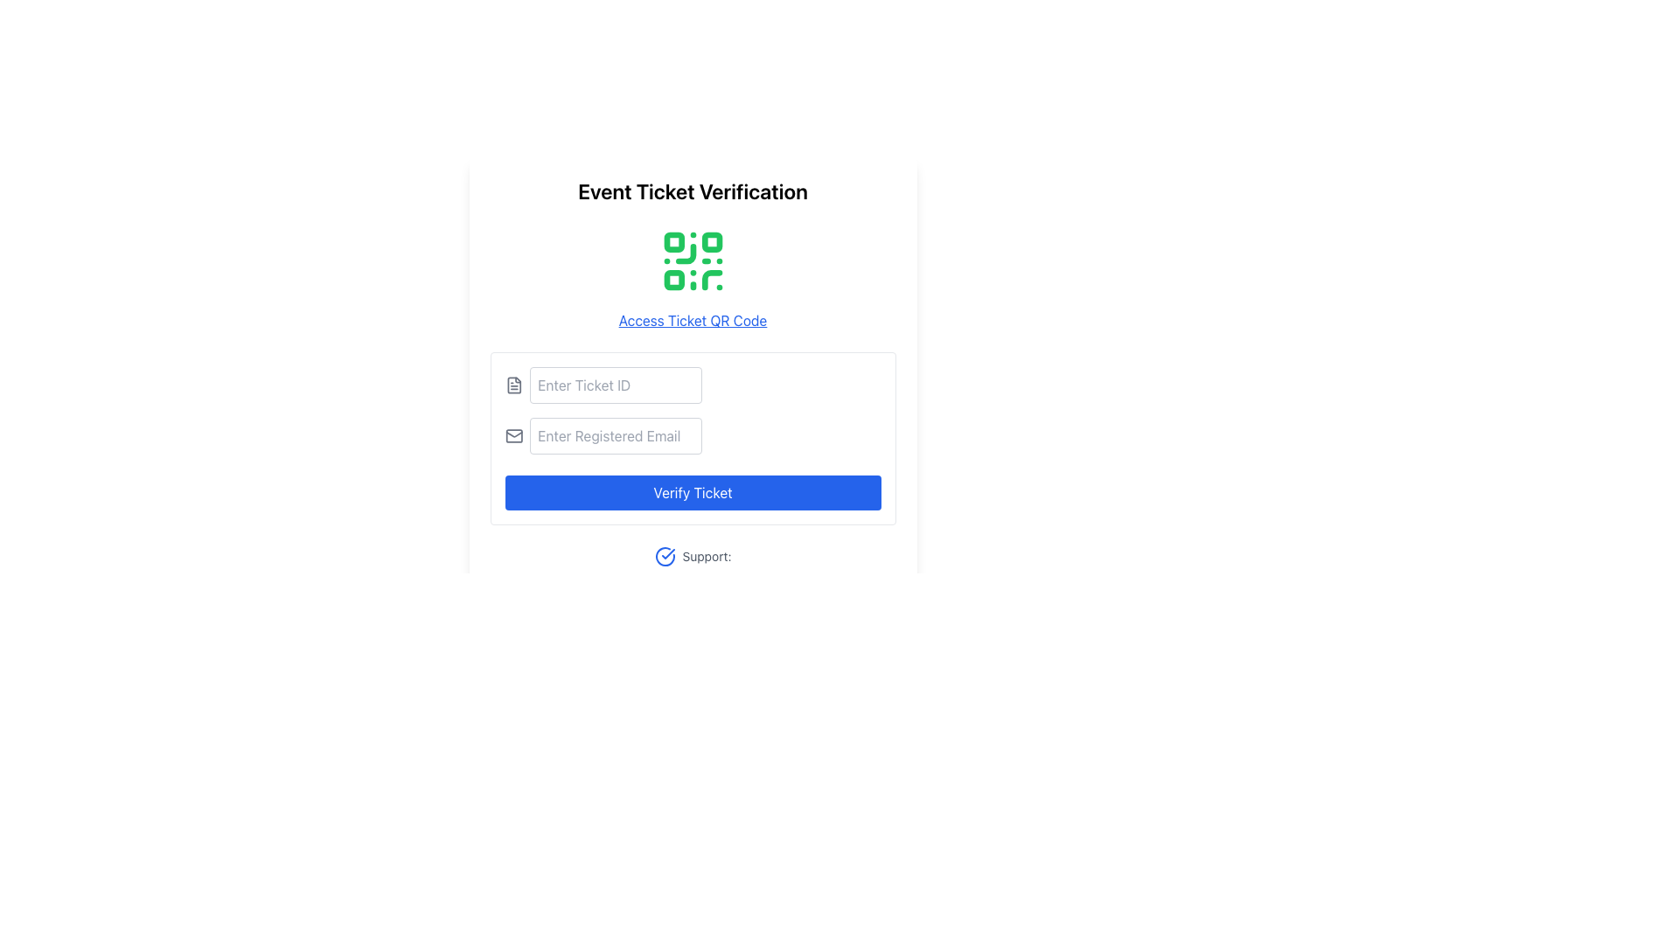  What do you see at coordinates (672, 242) in the screenshot?
I see `the top-left square part of the QR code which is crucial for its data matrix functionality` at bounding box center [672, 242].